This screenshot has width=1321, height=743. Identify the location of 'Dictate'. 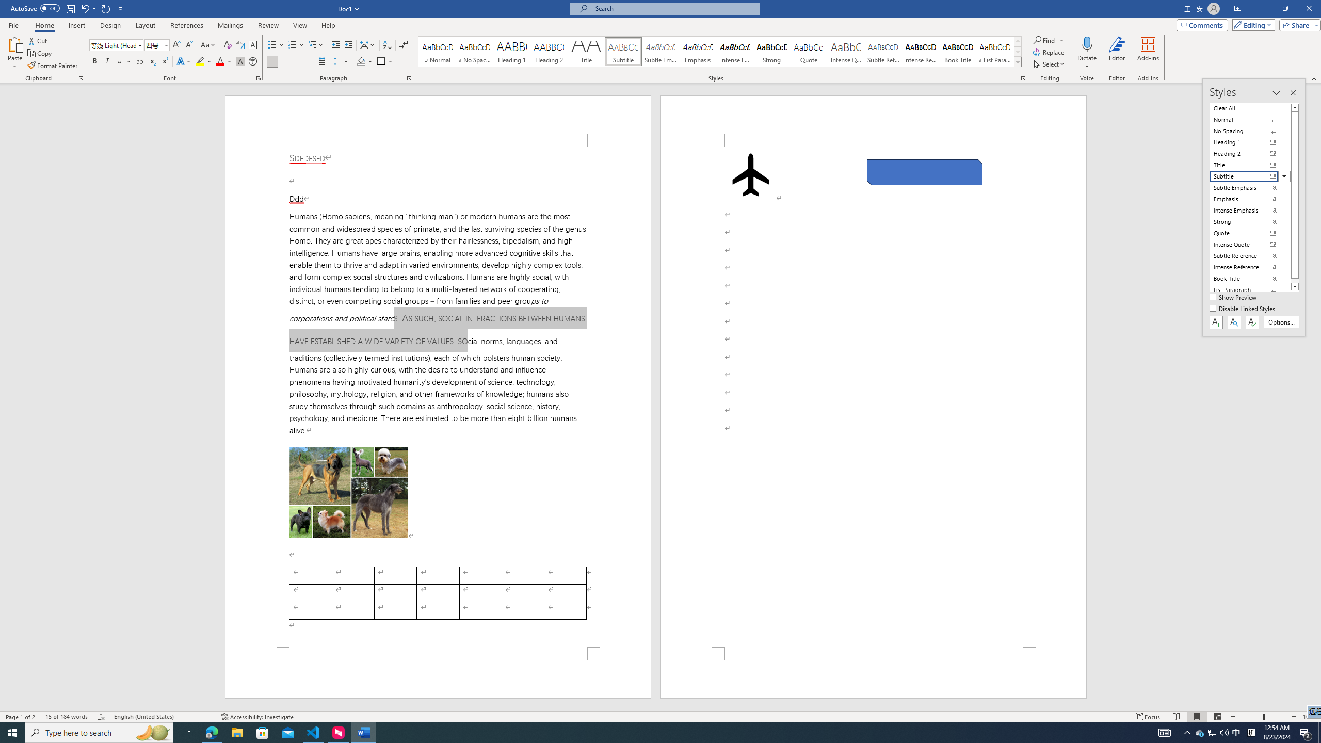
(1087, 43).